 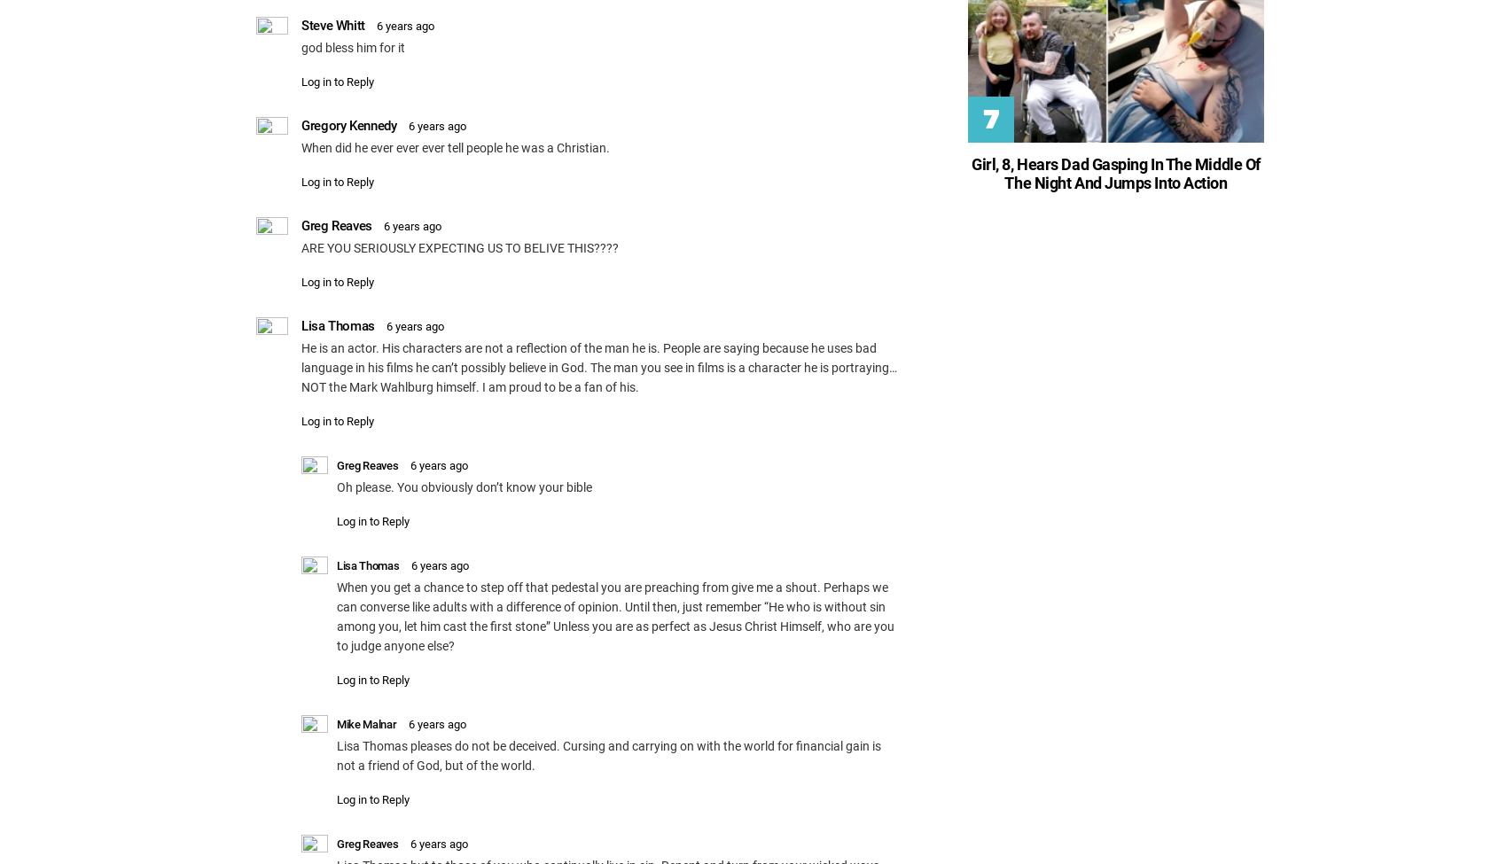 What do you see at coordinates (608, 754) in the screenshot?
I see `'Lisa Thomas pleases do not be deceived. Cursing and carrying on with the world for financial gain is not a friend of God, but of the world.'` at bounding box center [608, 754].